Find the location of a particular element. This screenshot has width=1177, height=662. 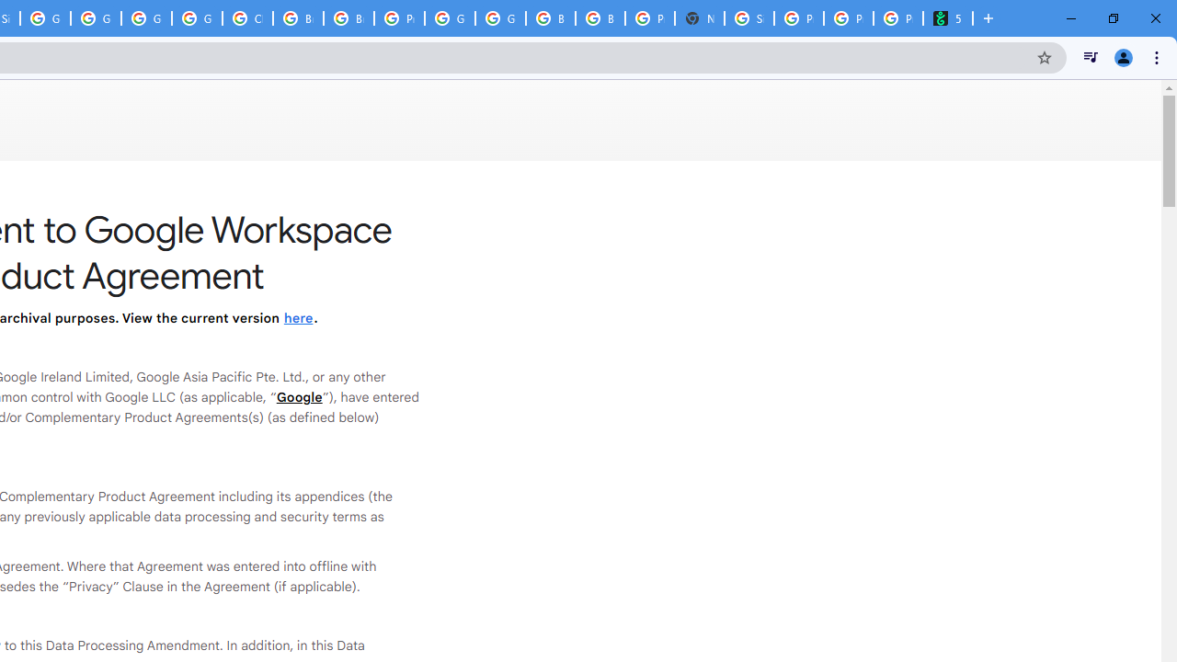

'Google Cloud Platform' is located at coordinates (450, 18).